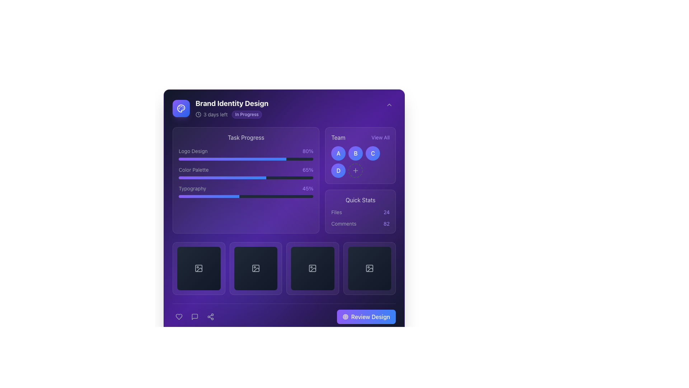  Describe the element at coordinates (369, 268) in the screenshot. I see `the small rectangular icon with rounded corners, which has a dark gray background and is located at the bottom-right corner of a darkly-themed panel containing a grid of icons` at that location.